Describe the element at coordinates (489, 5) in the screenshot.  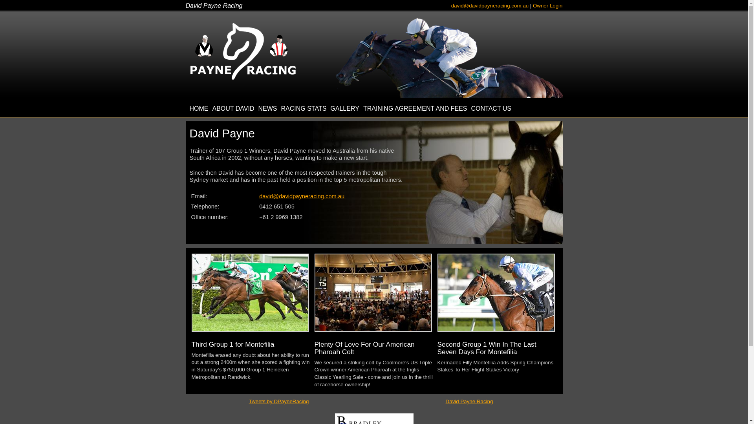
I see `'david@davidpayneracing.com.au'` at that location.